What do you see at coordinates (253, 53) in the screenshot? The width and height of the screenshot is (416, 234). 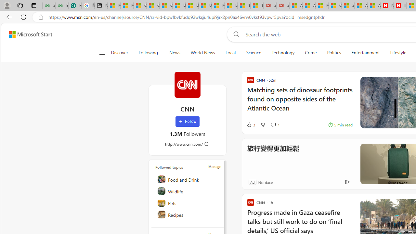 I see `'Science'` at bounding box center [253, 53].